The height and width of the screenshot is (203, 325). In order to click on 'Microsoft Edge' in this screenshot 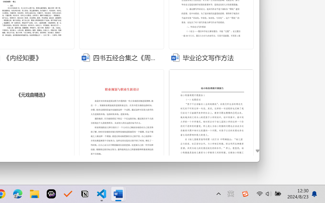, I will do `click(18, 194)`.